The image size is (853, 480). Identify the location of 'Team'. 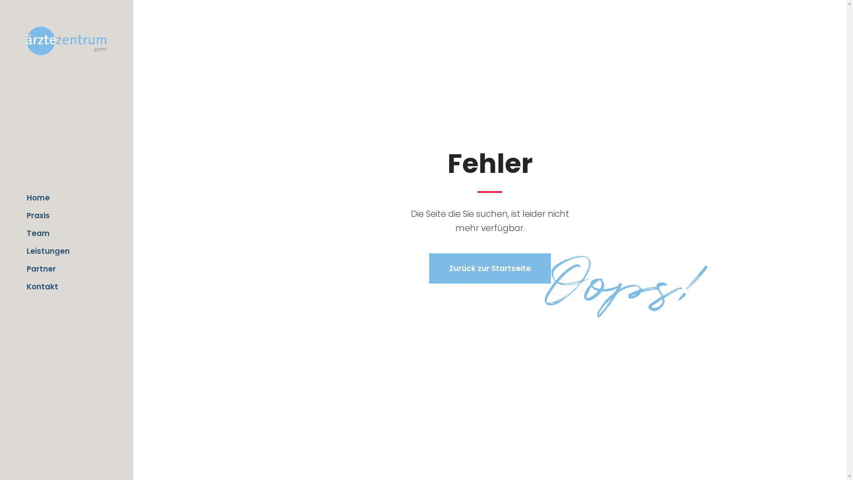
(26, 232).